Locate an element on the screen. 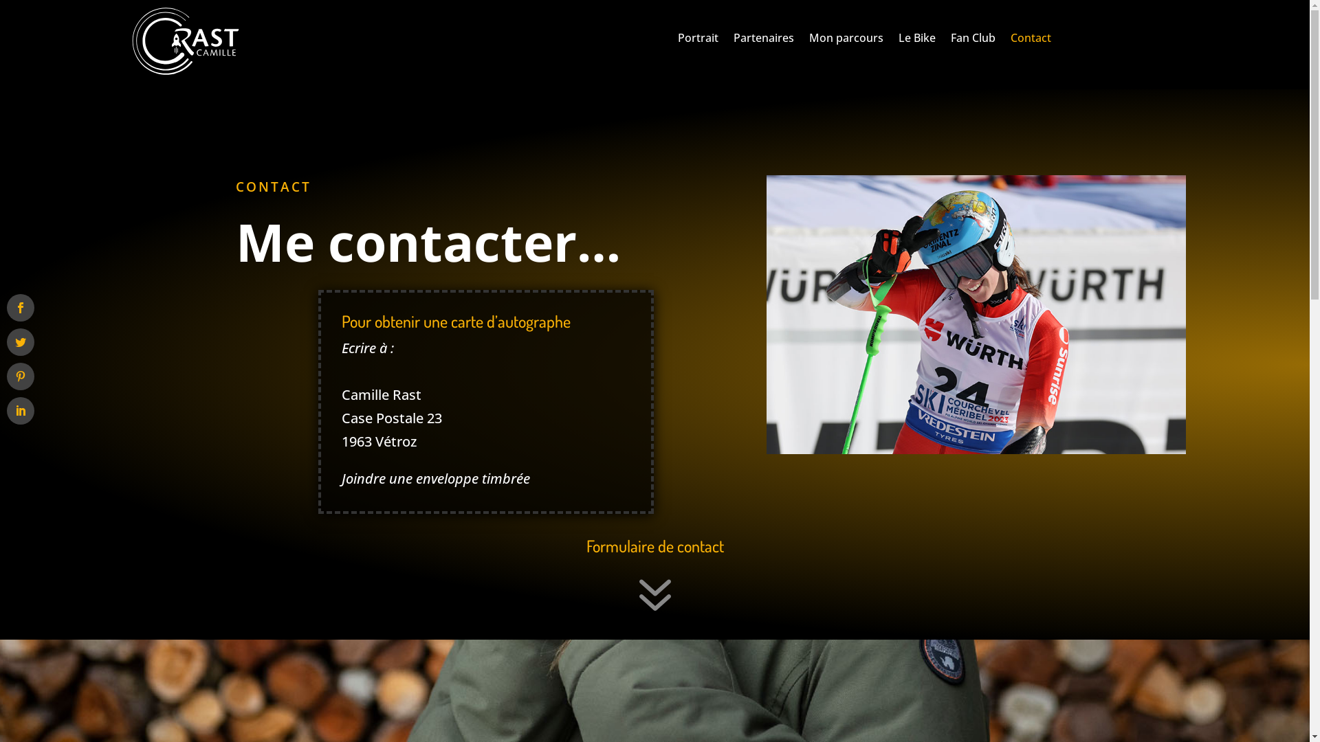 This screenshot has width=1320, height=742. 'Camille Rast - meribel 2023-contact' is located at coordinates (975, 315).